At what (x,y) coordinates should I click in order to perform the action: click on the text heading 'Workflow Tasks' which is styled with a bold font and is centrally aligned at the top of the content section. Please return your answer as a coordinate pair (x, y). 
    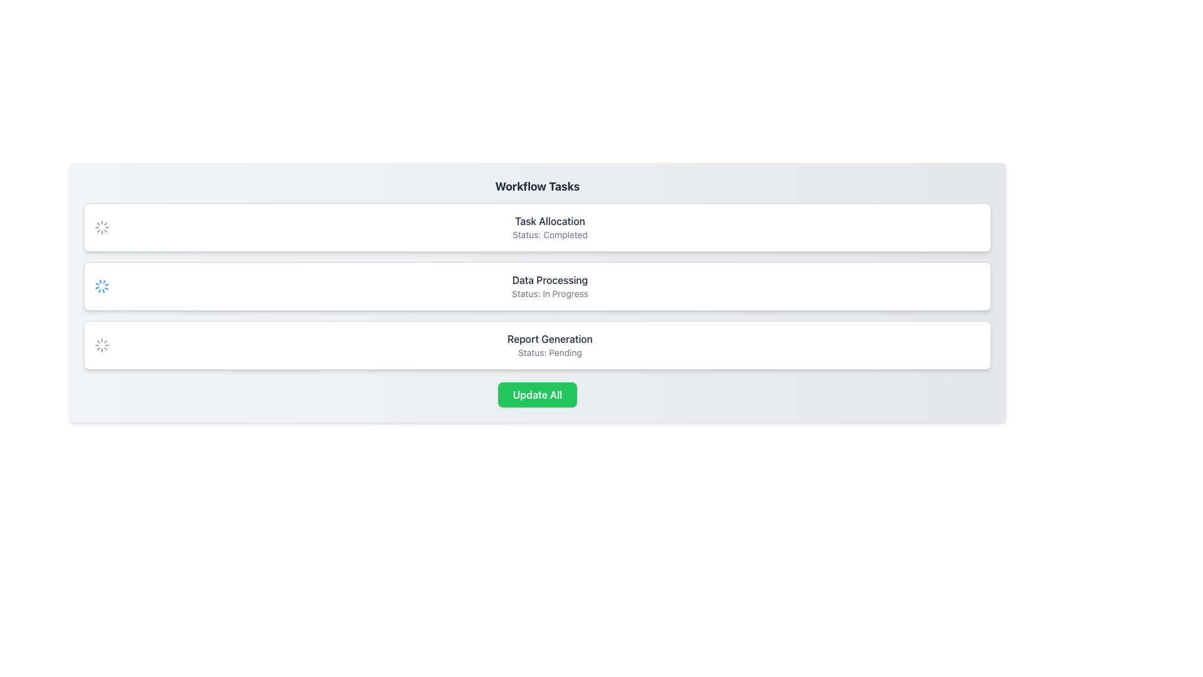
    Looking at the image, I should click on (538, 186).